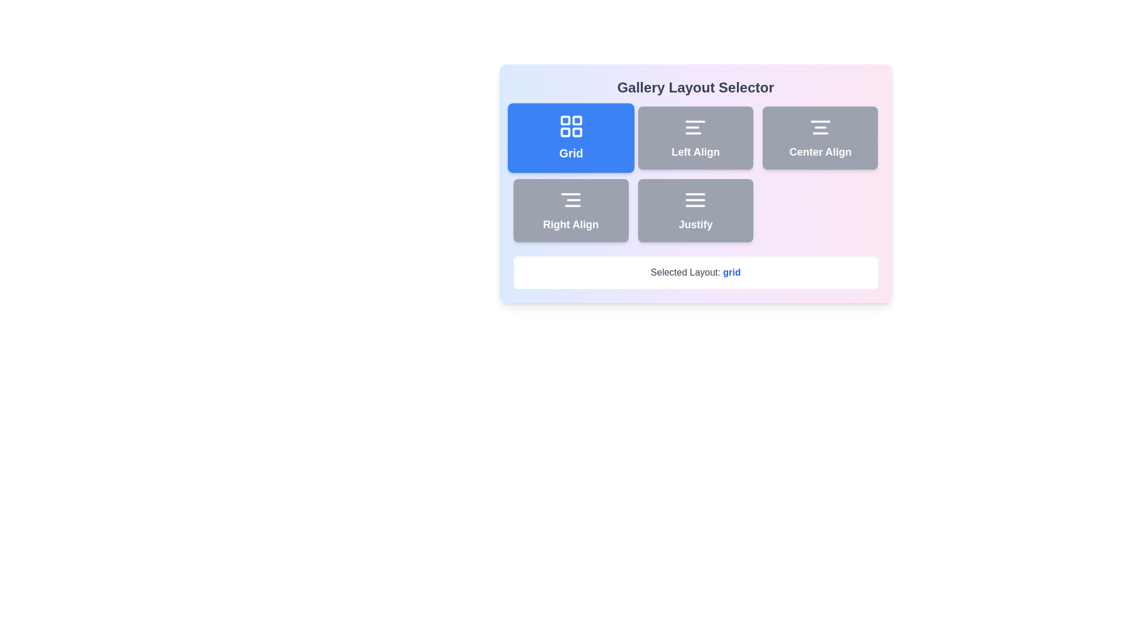 The width and height of the screenshot is (1123, 632). What do you see at coordinates (571, 126) in the screenshot?
I see `the grid layout icon located within the blue rounded rectangle labeled 'Grid' at the top-left corner of the layout options box` at bounding box center [571, 126].